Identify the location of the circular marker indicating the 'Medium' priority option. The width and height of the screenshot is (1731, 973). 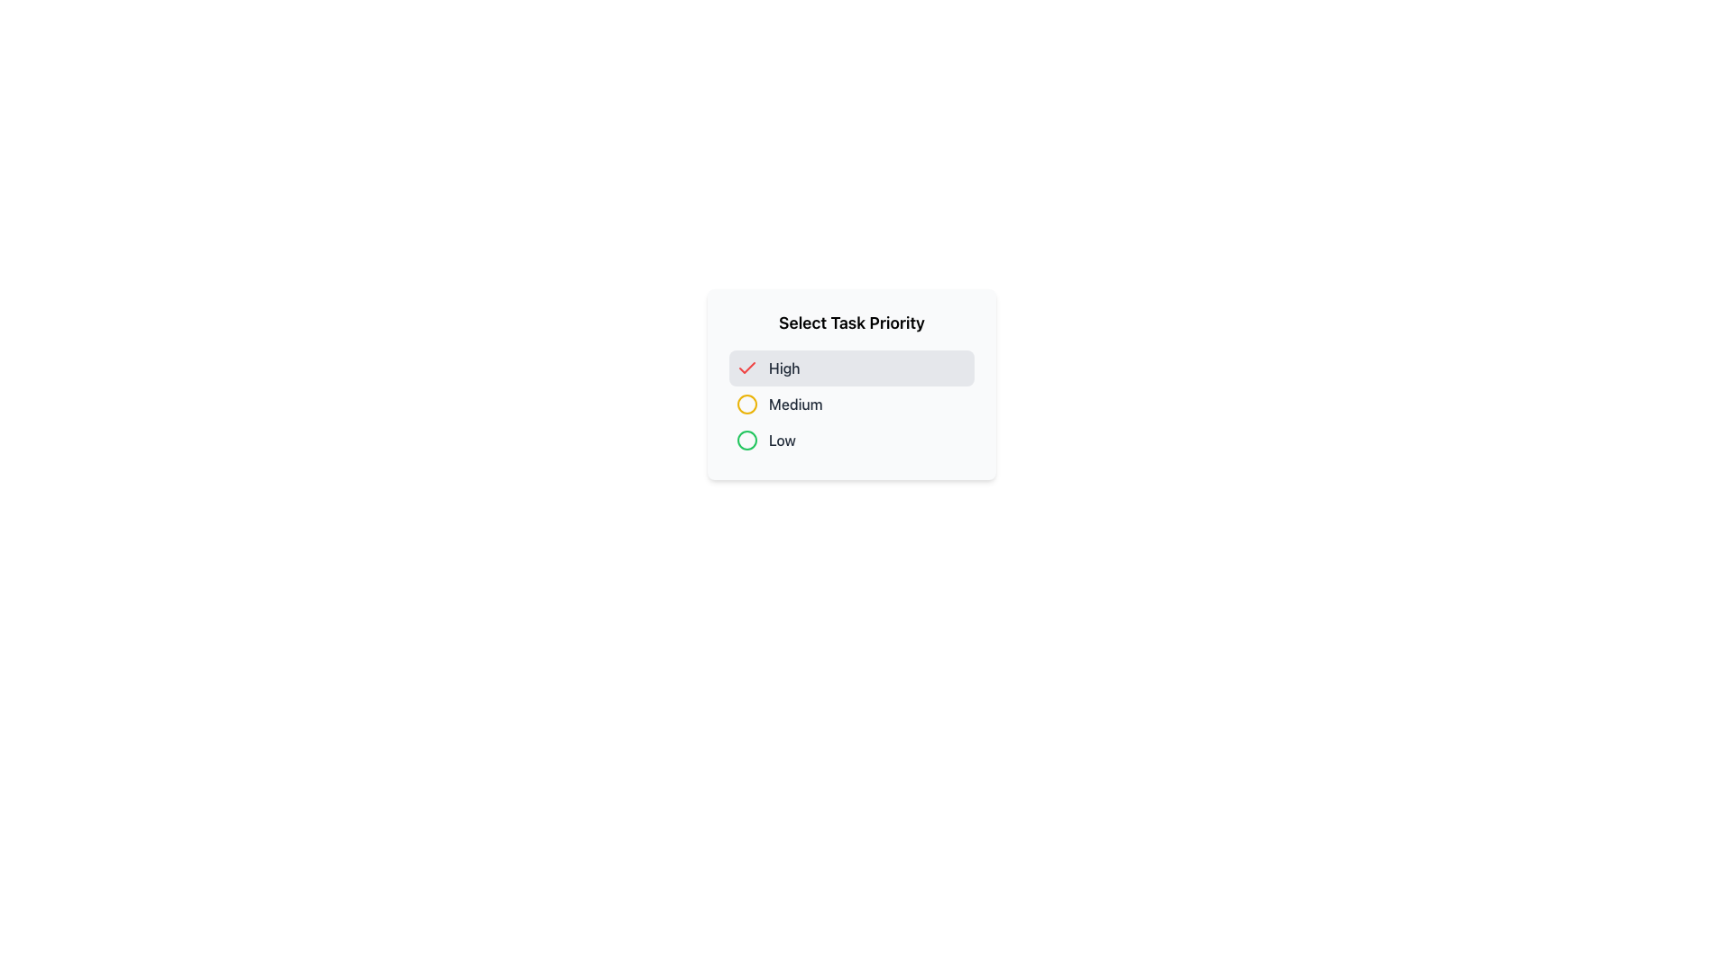
(747, 403).